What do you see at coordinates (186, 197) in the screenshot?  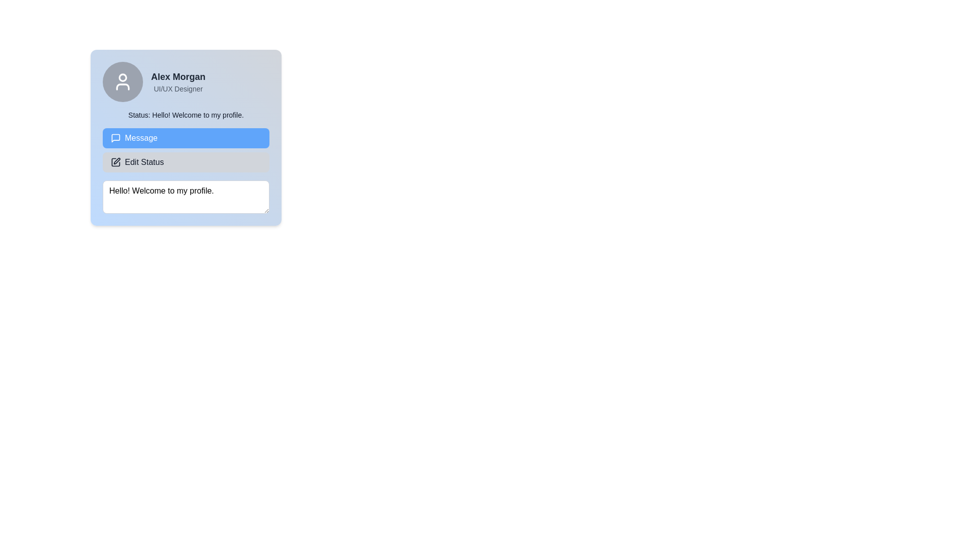 I see `the text box containing 'Hello! Welcome to my profile.'` at bounding box center [186, 197].